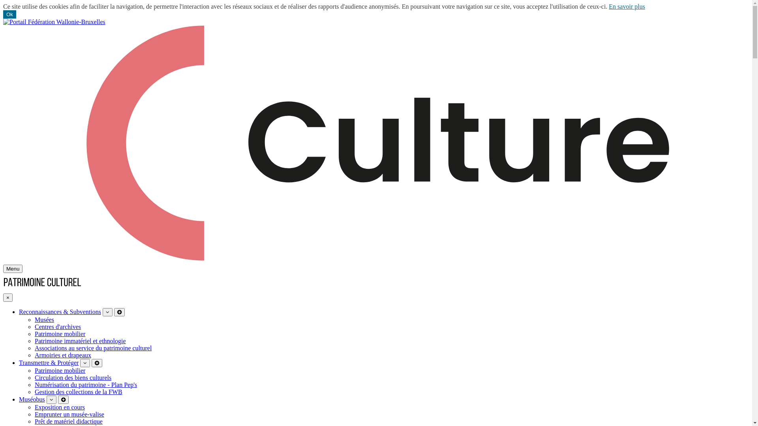 Image resolution: width=758 pixels, height=426 pixels. What do you see at coordinates (78, 392) in the screenshot?
I see `'Gestion des collections de la FWB'` at bounding box center [78, 392].